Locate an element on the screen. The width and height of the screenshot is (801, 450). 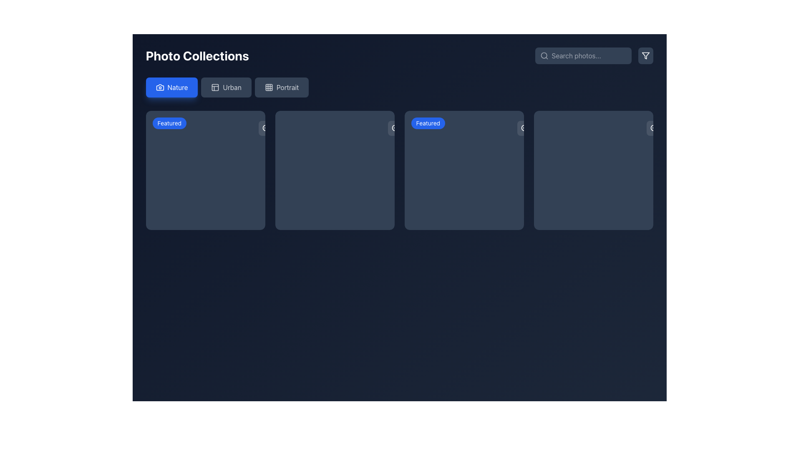
the camera icon located within the blue 'Nature' button in the header section of the interface to interact with it is located at coordinates (160, 87).